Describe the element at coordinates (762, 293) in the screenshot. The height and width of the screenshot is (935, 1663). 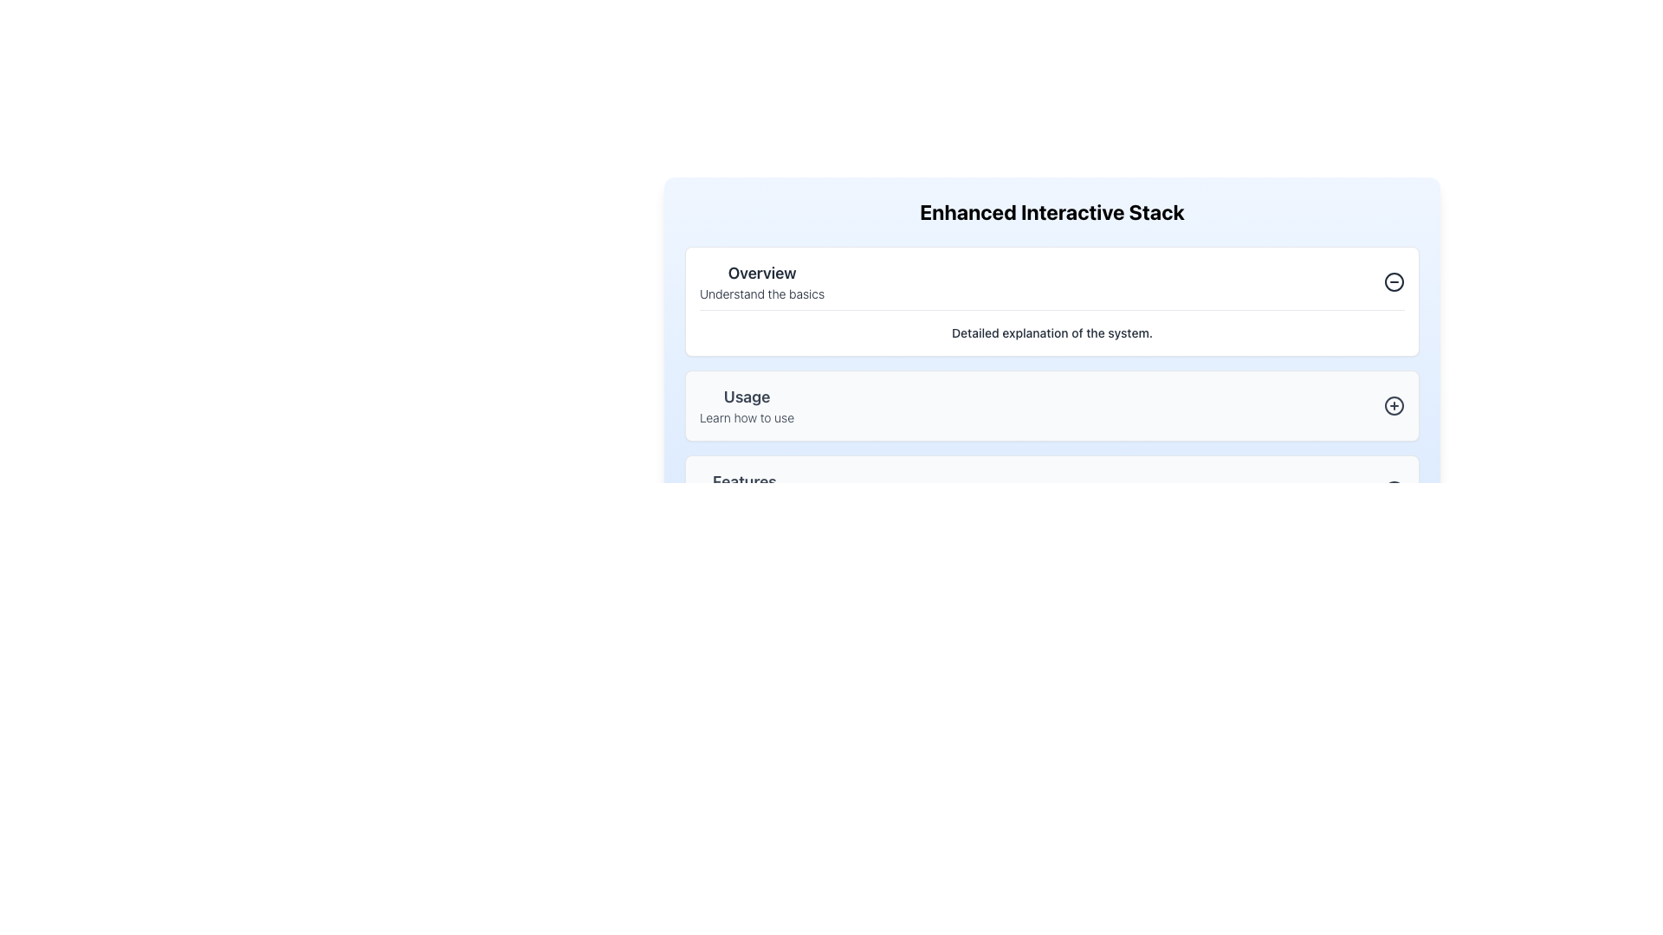
I see `the static text label providing a brief description related to the 'Overview' section, located below the 'Overview' header` at that location.